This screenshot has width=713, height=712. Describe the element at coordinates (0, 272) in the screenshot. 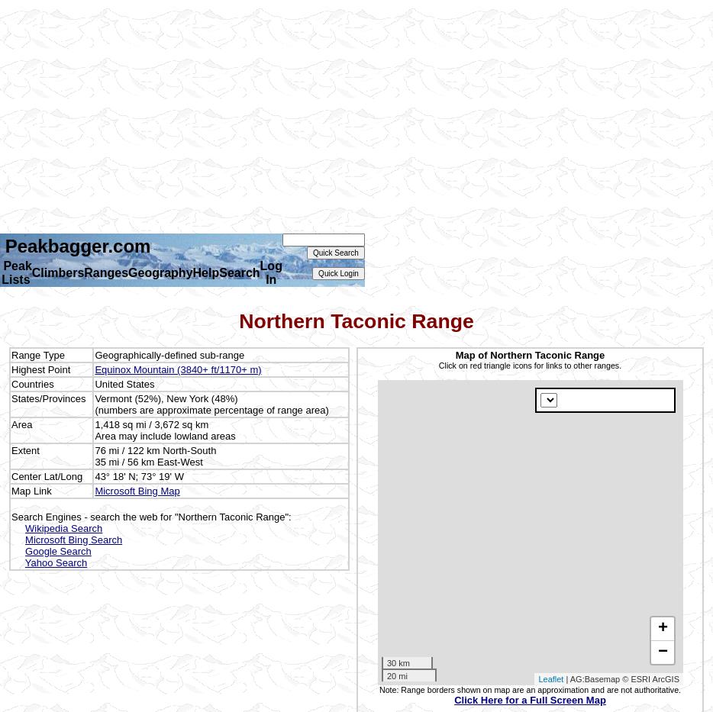

I see `'Peak Lists'` at that location.